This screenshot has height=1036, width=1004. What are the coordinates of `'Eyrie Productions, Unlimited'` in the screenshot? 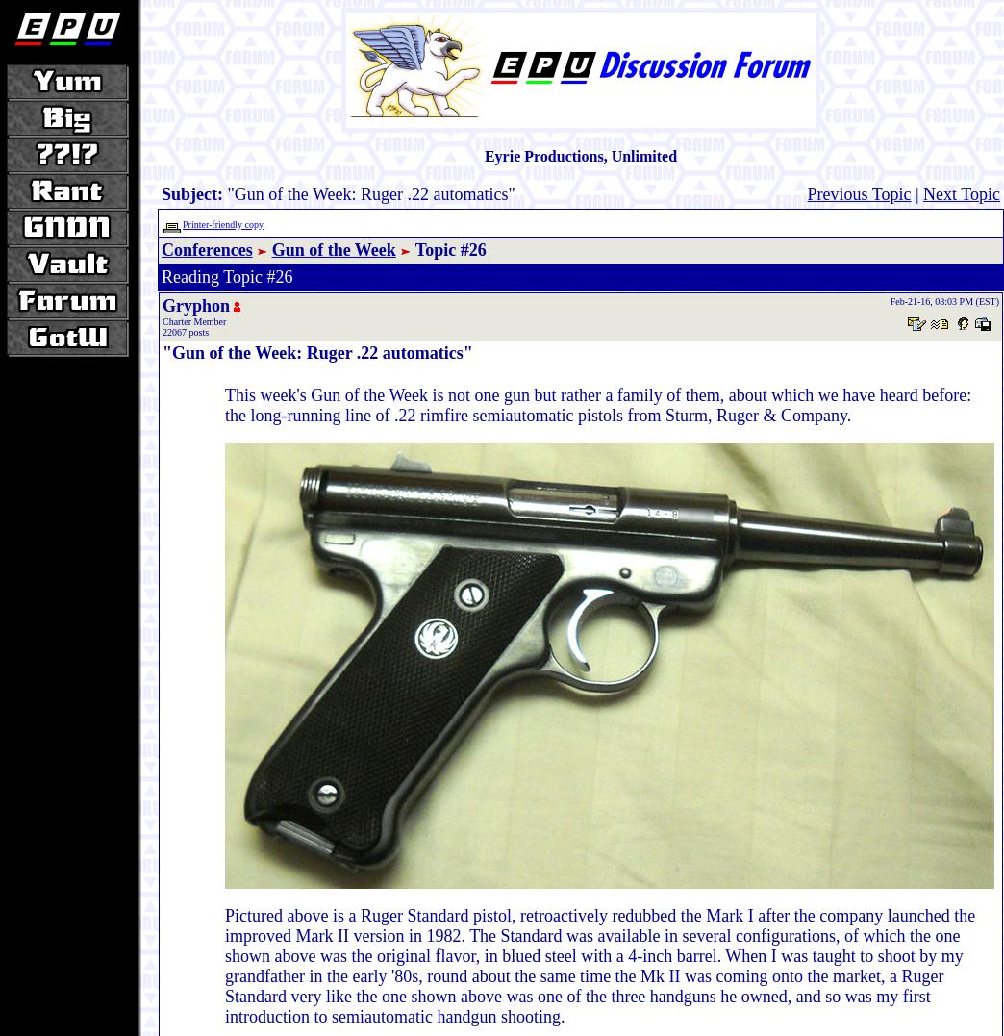 It's located at (580, 156).